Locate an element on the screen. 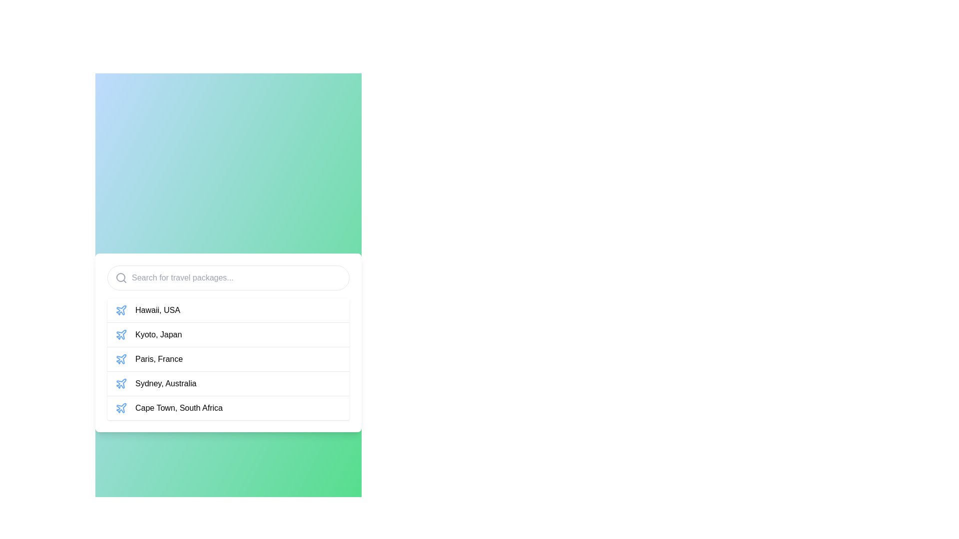  the text label 'Paris, France' in the dropdown list is located at coordinates (158, 359).